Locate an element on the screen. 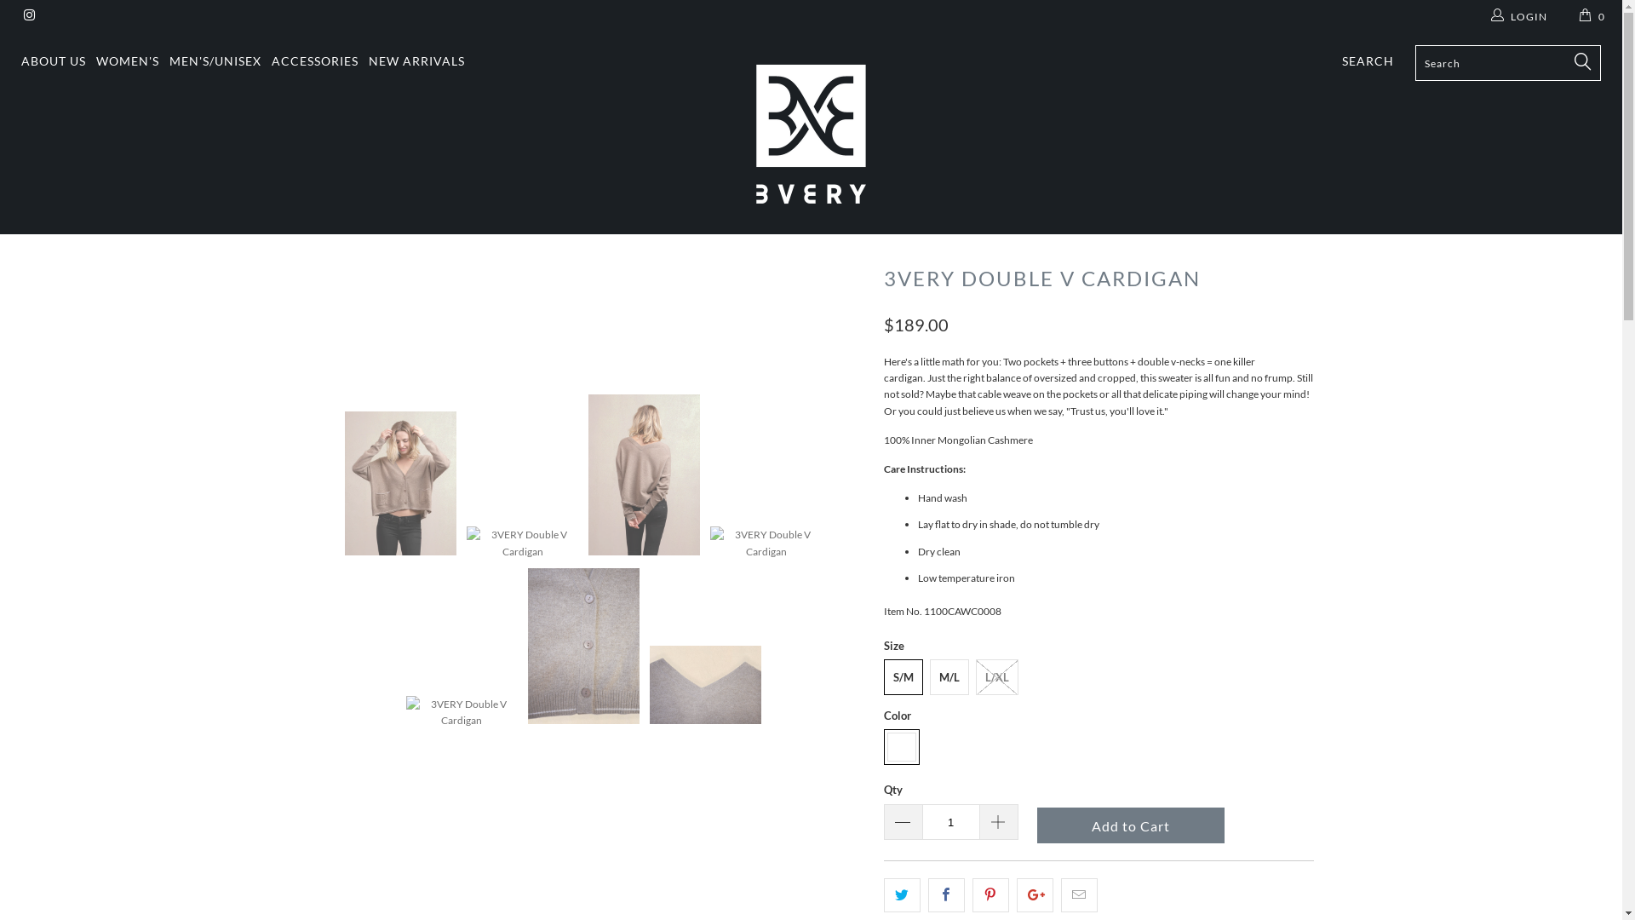 The image size is (1635, 920). 'LOGIN' is located at coordinates (1519, 16).